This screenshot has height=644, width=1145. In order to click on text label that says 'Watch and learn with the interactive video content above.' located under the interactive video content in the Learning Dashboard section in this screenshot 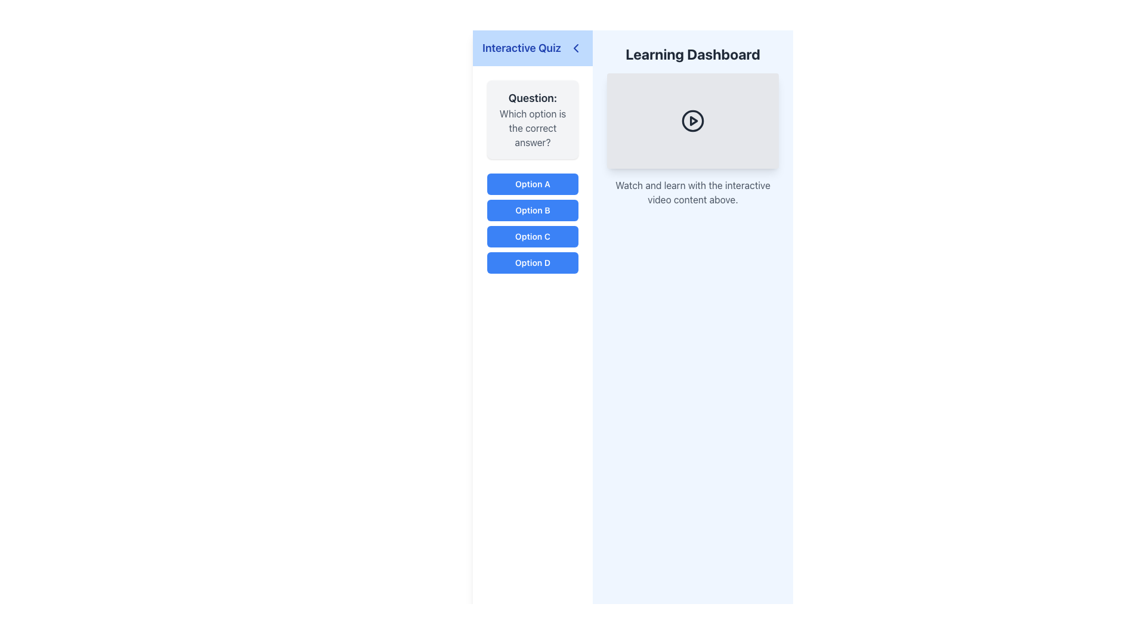, I will do `click(692, 192)`.